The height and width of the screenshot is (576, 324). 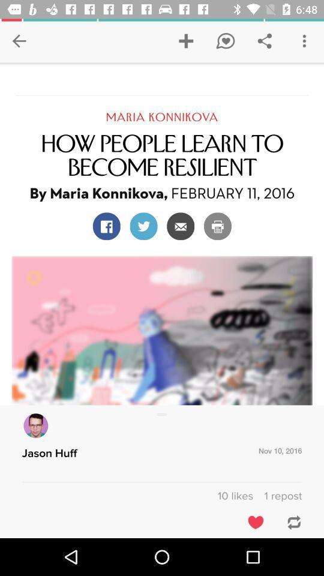 What do you see at coordinates (255, 521) in the screenshot?
I see `the favorite icon` at bounding box center [255, 521].